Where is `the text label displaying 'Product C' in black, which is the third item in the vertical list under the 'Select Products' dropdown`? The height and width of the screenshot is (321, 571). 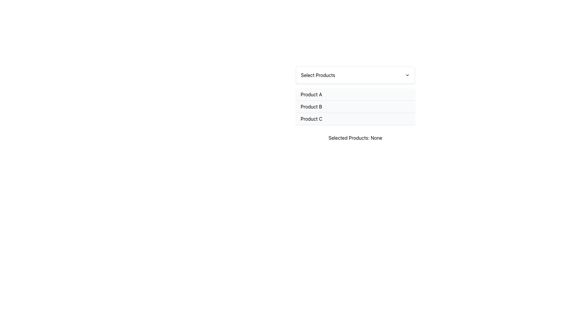 the text label displaying 'Product C' in black, which is the third item in the vertical list under the 'Select Products' dropdown is located at coordinates (311, 119).